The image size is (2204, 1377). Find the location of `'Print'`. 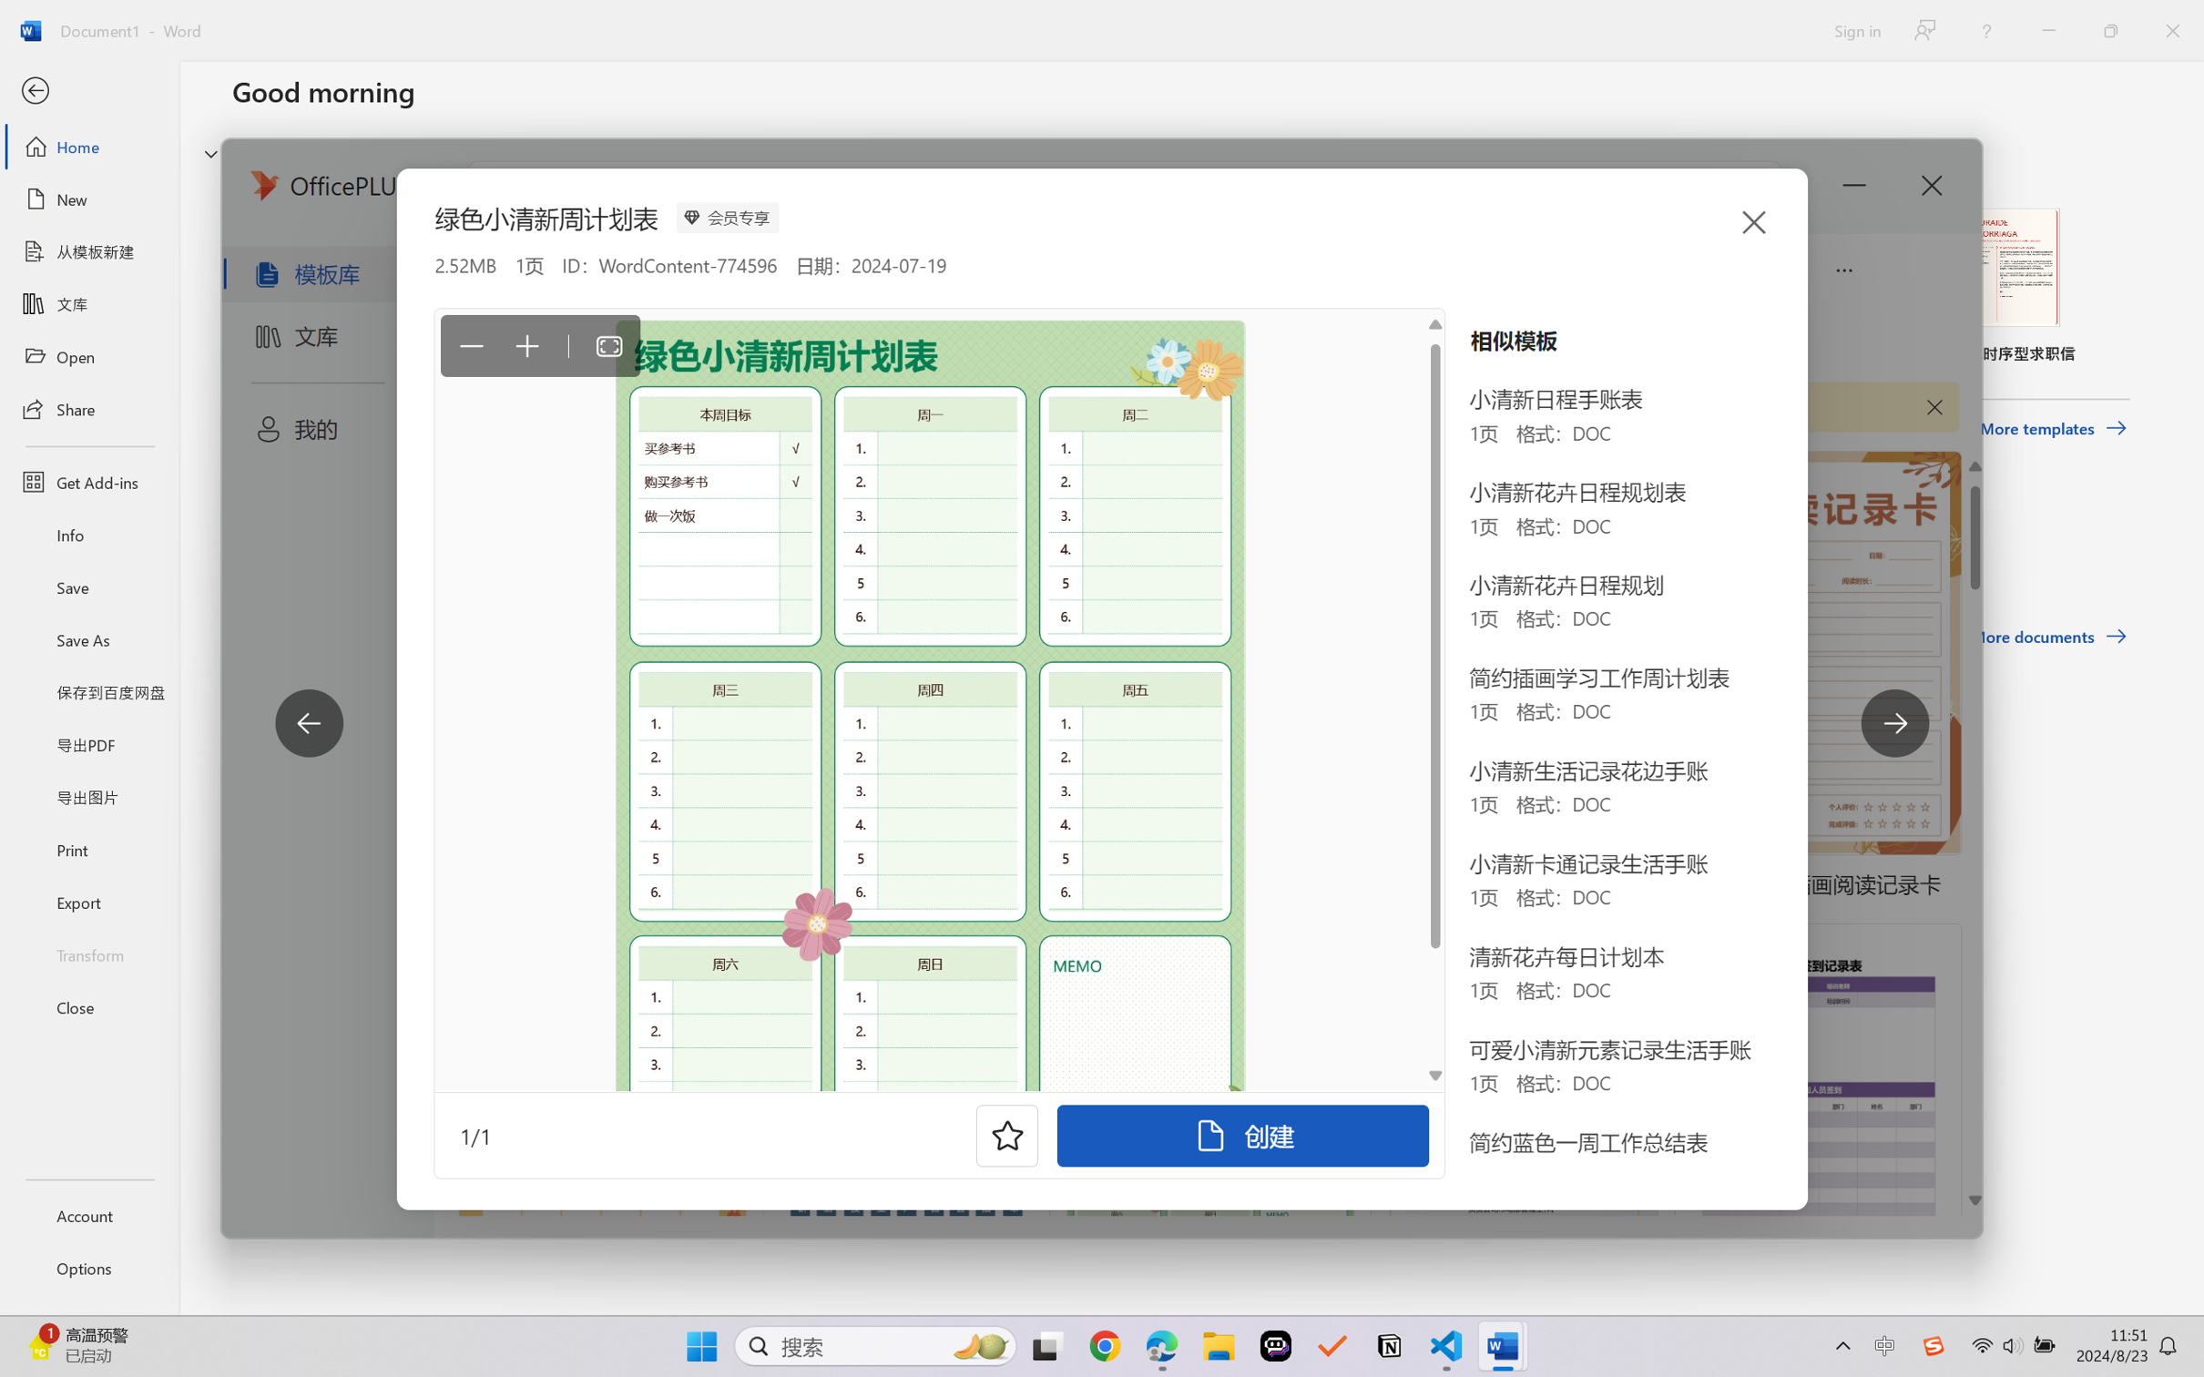

'Print' is located at coordinates (88, 850).